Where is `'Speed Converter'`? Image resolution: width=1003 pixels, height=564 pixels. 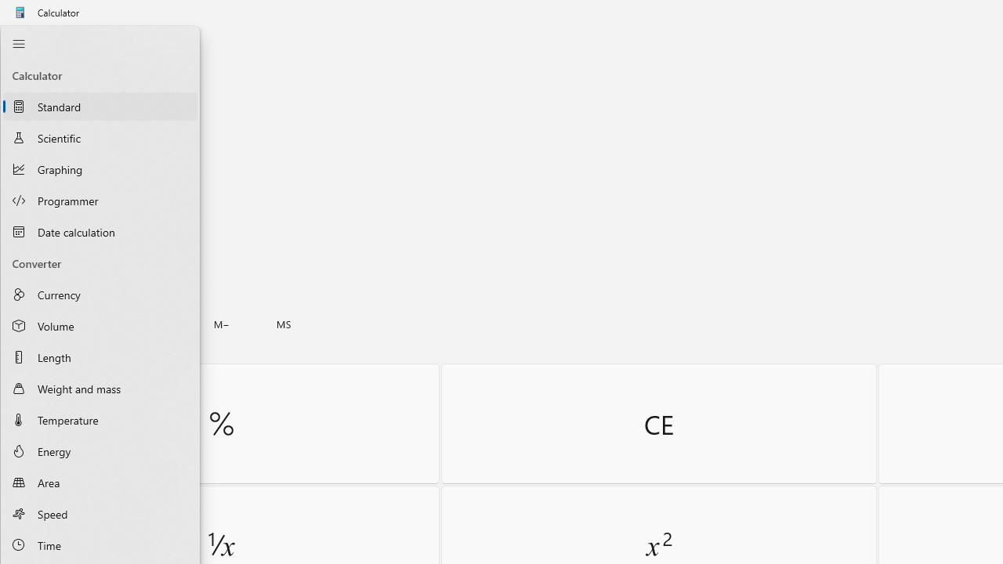 'Speed Converter' is located at coordinates (100, 513).